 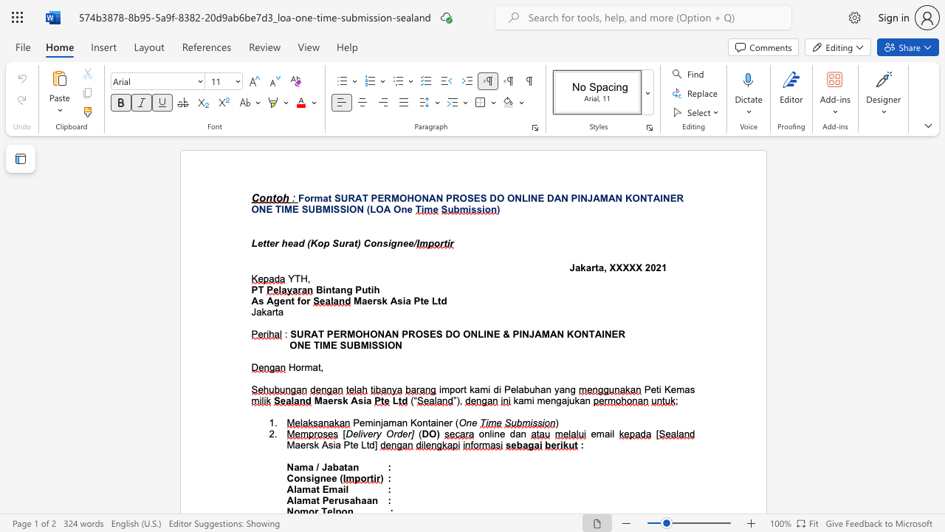 What do you see at coordinates (370, 242) in the screenshot?
I see `the space between the continuous character "C" and "o" in the text` at bounding box center [370, 242].